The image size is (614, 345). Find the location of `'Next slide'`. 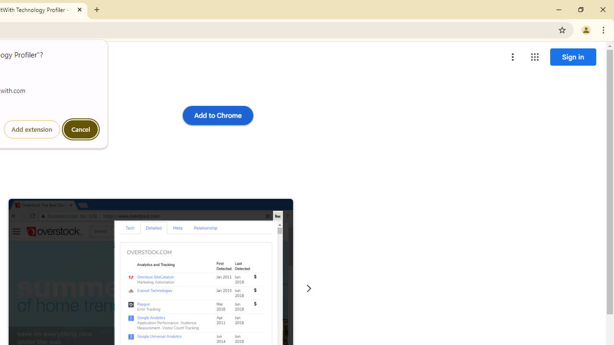

'Next slide' is located at coordinates (308, 288).